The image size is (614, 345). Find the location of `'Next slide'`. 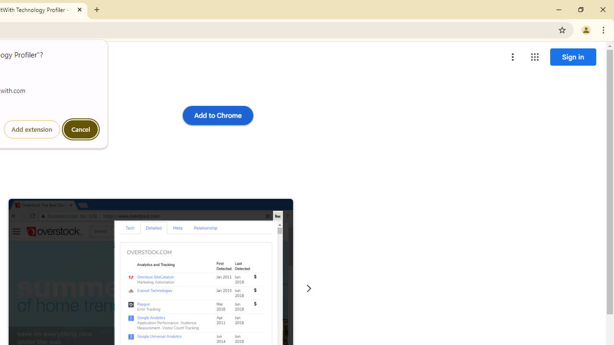

'Next slide' is located at coordinates (308, 288).